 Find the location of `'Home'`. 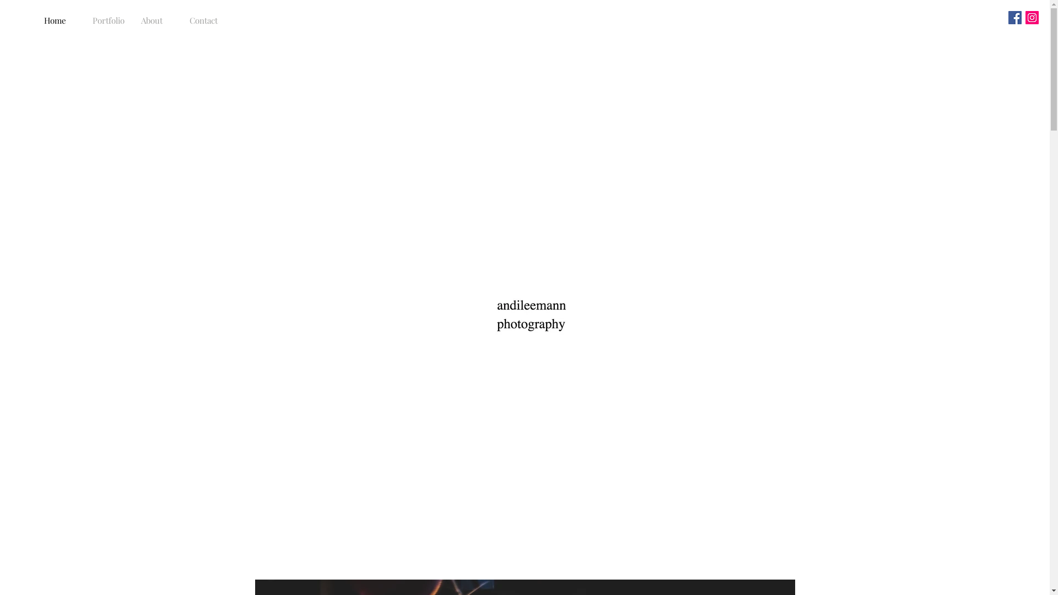

'Home' is located at coordinates (60, 20).